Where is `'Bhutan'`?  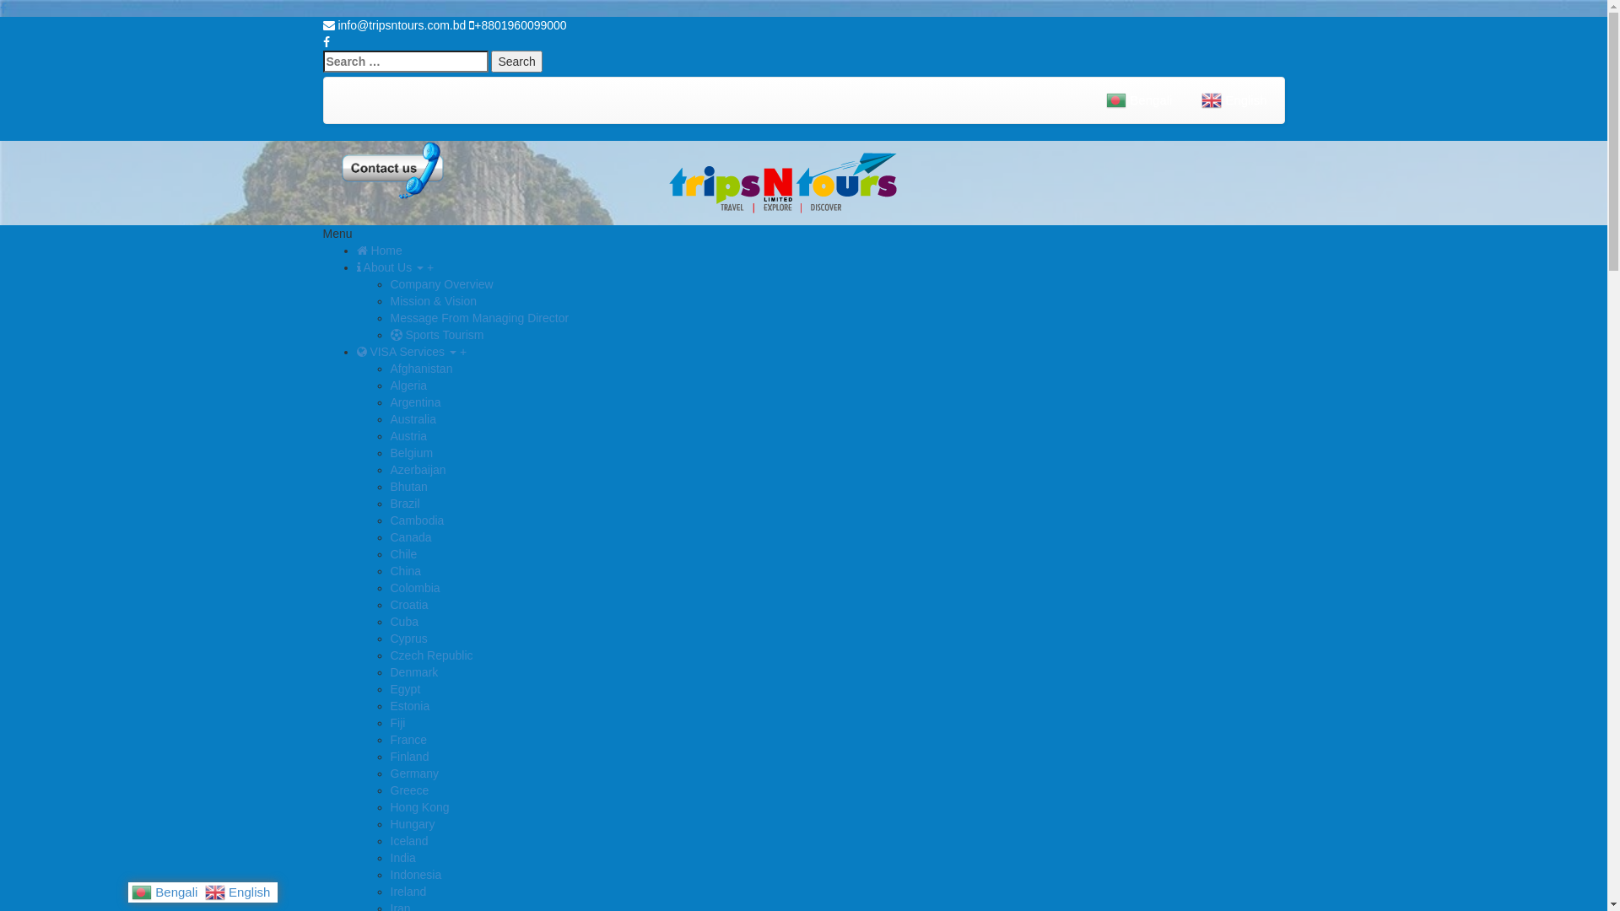
'Bhutan' is located at coordinates (408, 487).